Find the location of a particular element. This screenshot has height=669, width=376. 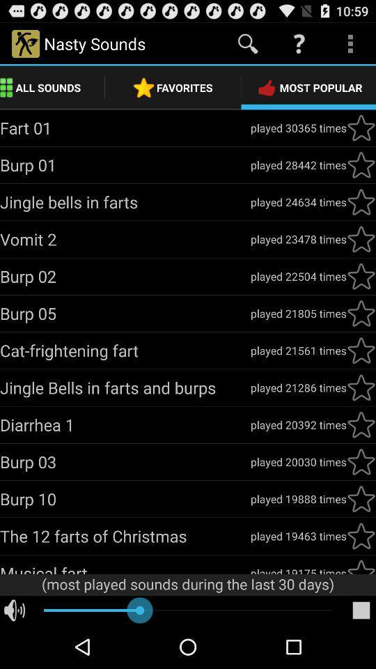

star article is located at coordinates (361, 239).